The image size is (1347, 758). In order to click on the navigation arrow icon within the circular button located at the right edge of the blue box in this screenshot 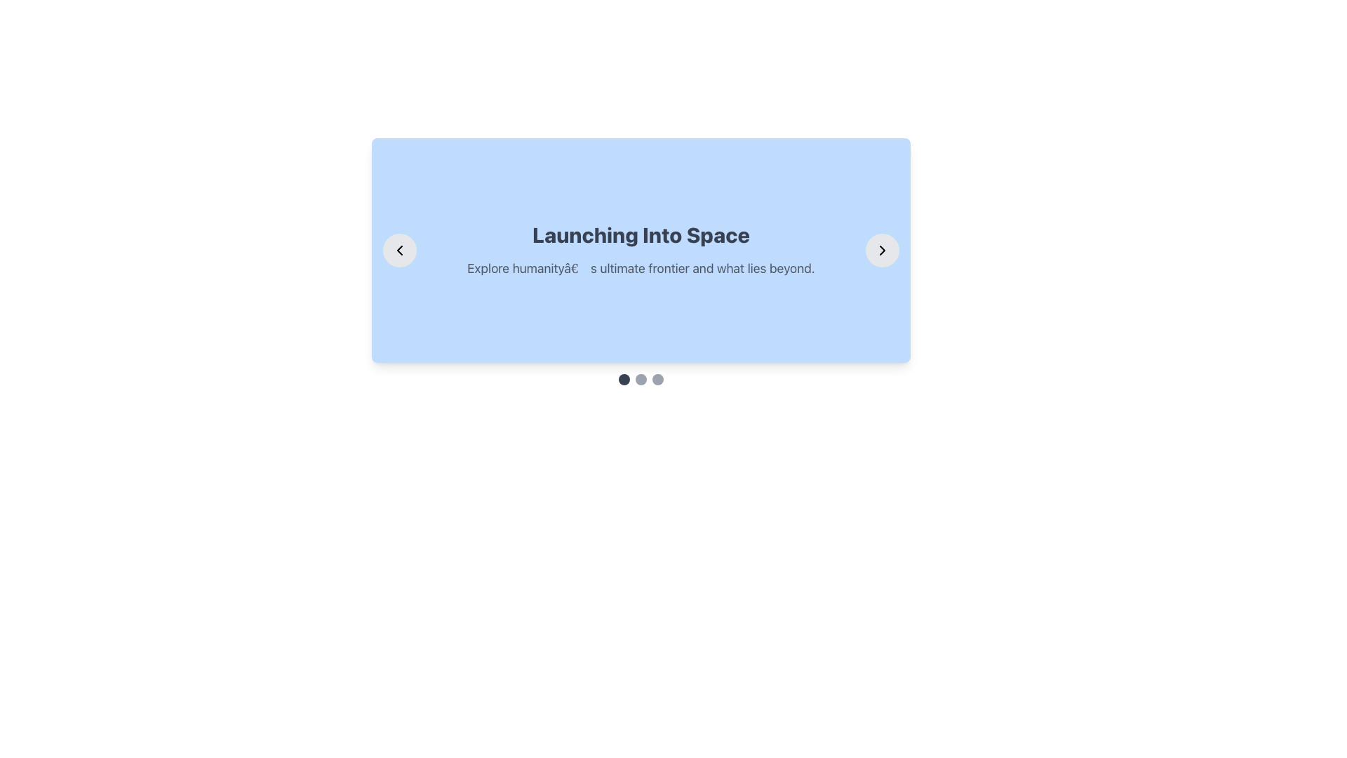, I will do `click(881, 250)`.